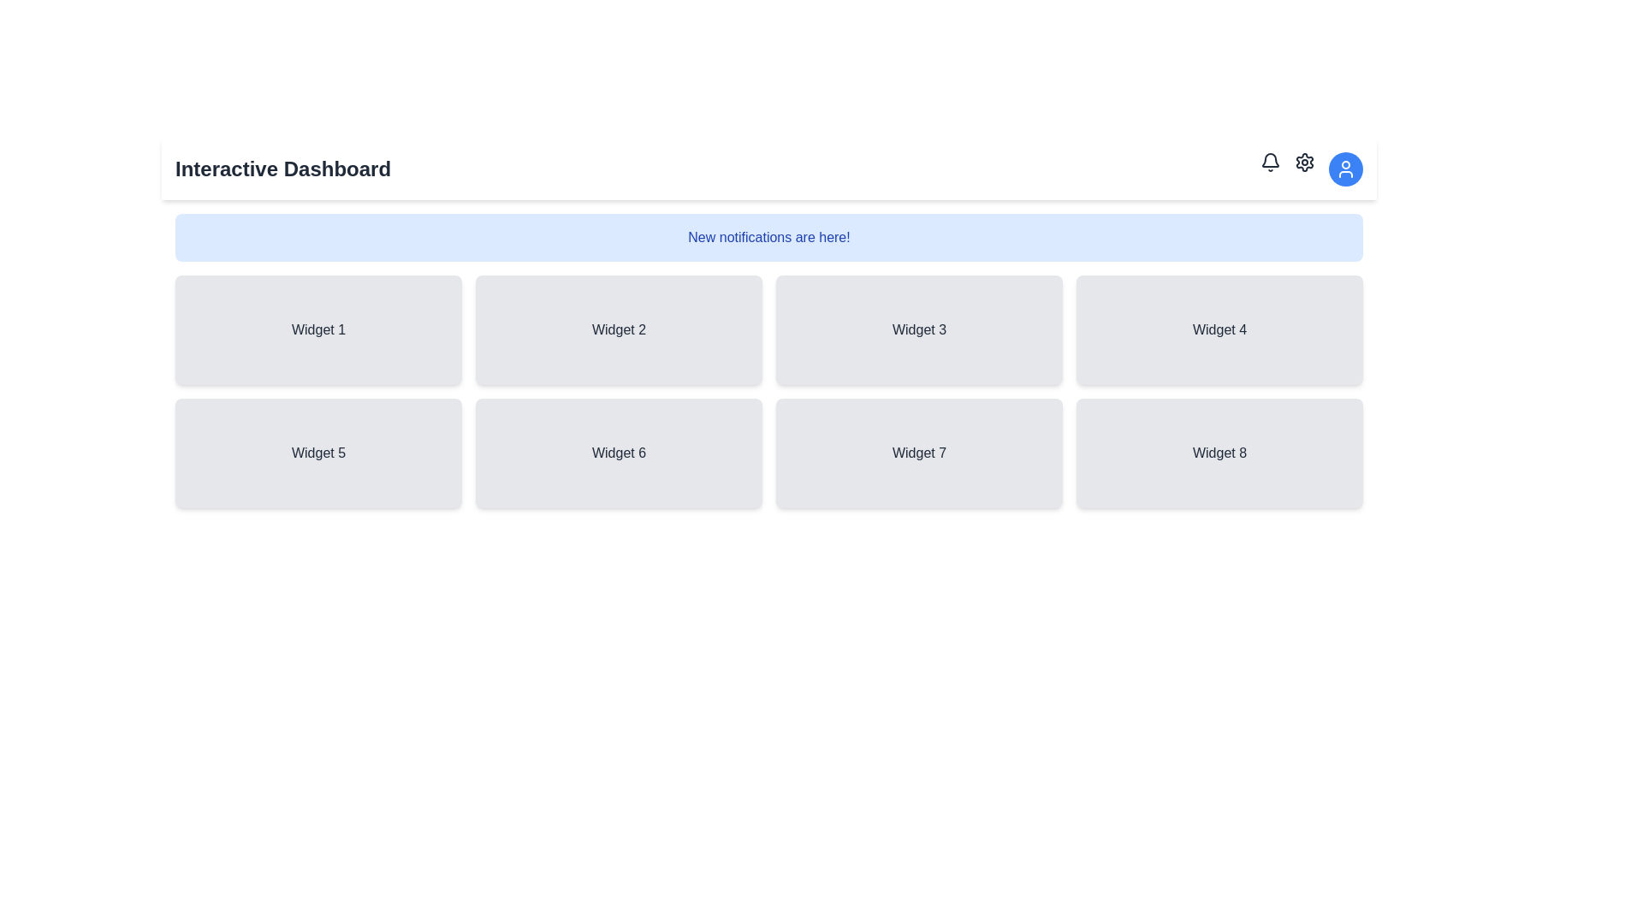 This screenshot has height=924, width=1643. I want to click on the settings button located in the top-right corner of the interface, which is the second icon from the right, between a bell icon and a user profile icon, so click(1304, 162).